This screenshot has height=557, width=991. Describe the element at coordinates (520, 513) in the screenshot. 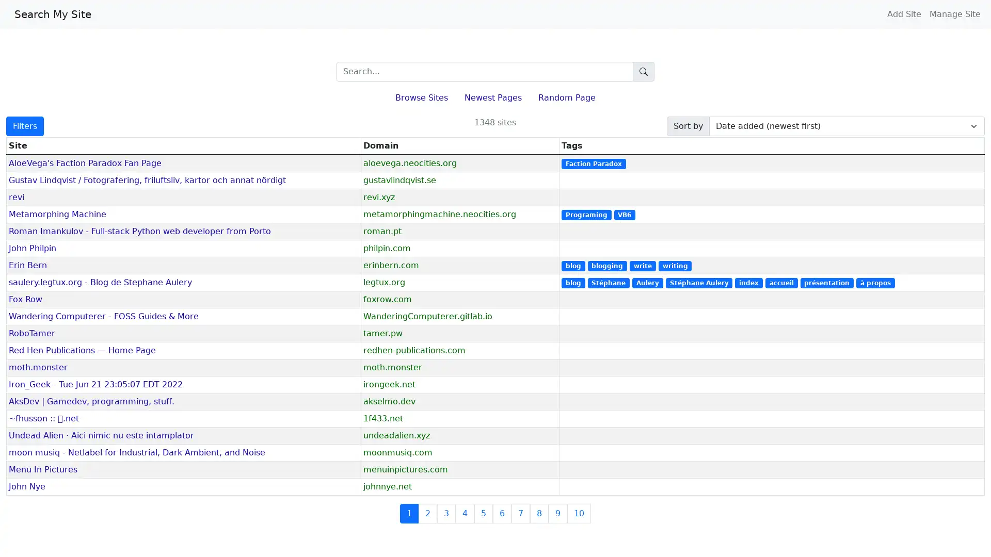

I see `7` at that location.